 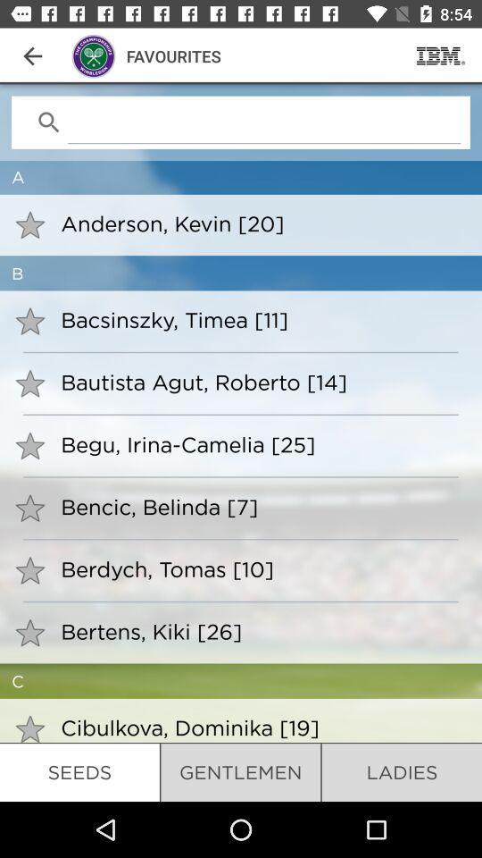 What do you see at coordinates (259, 728) in the screenshot?
I see `the icon below c item` at bounding box center [259, 728].